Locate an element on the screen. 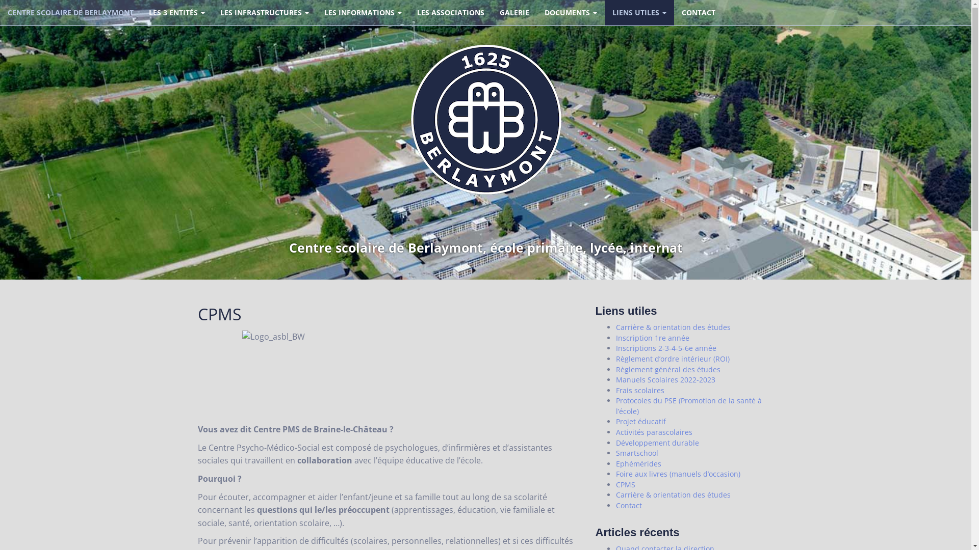 This screenshot has height=550, width=979. 'Smartschool' is located at coordinates (636, 452).